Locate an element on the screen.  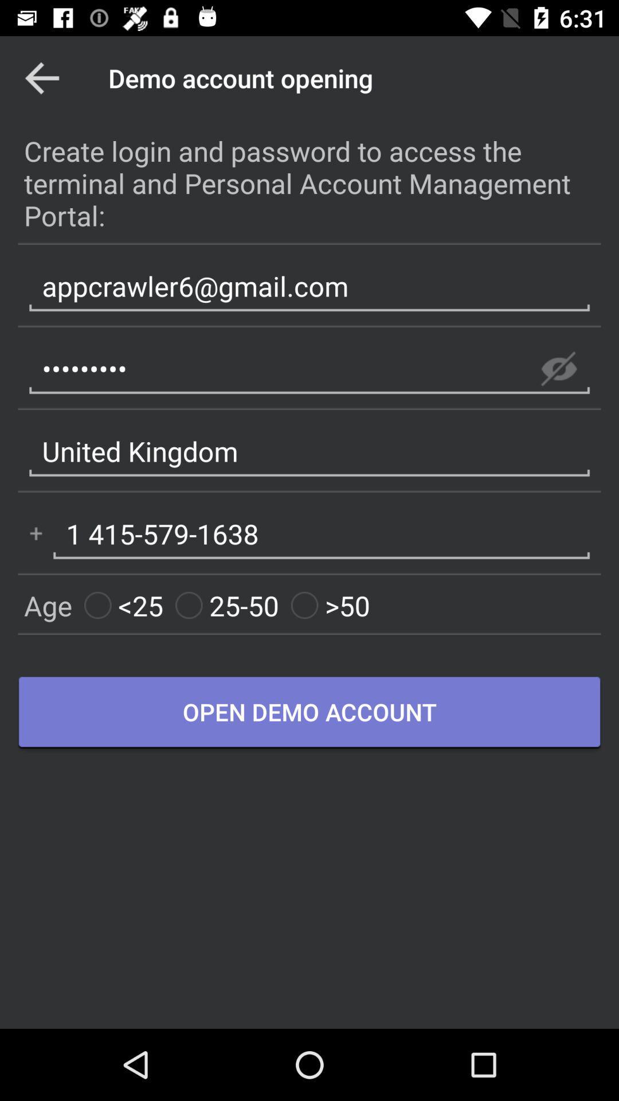
item above the crowd3116 item is located at coordinates (309, 286).